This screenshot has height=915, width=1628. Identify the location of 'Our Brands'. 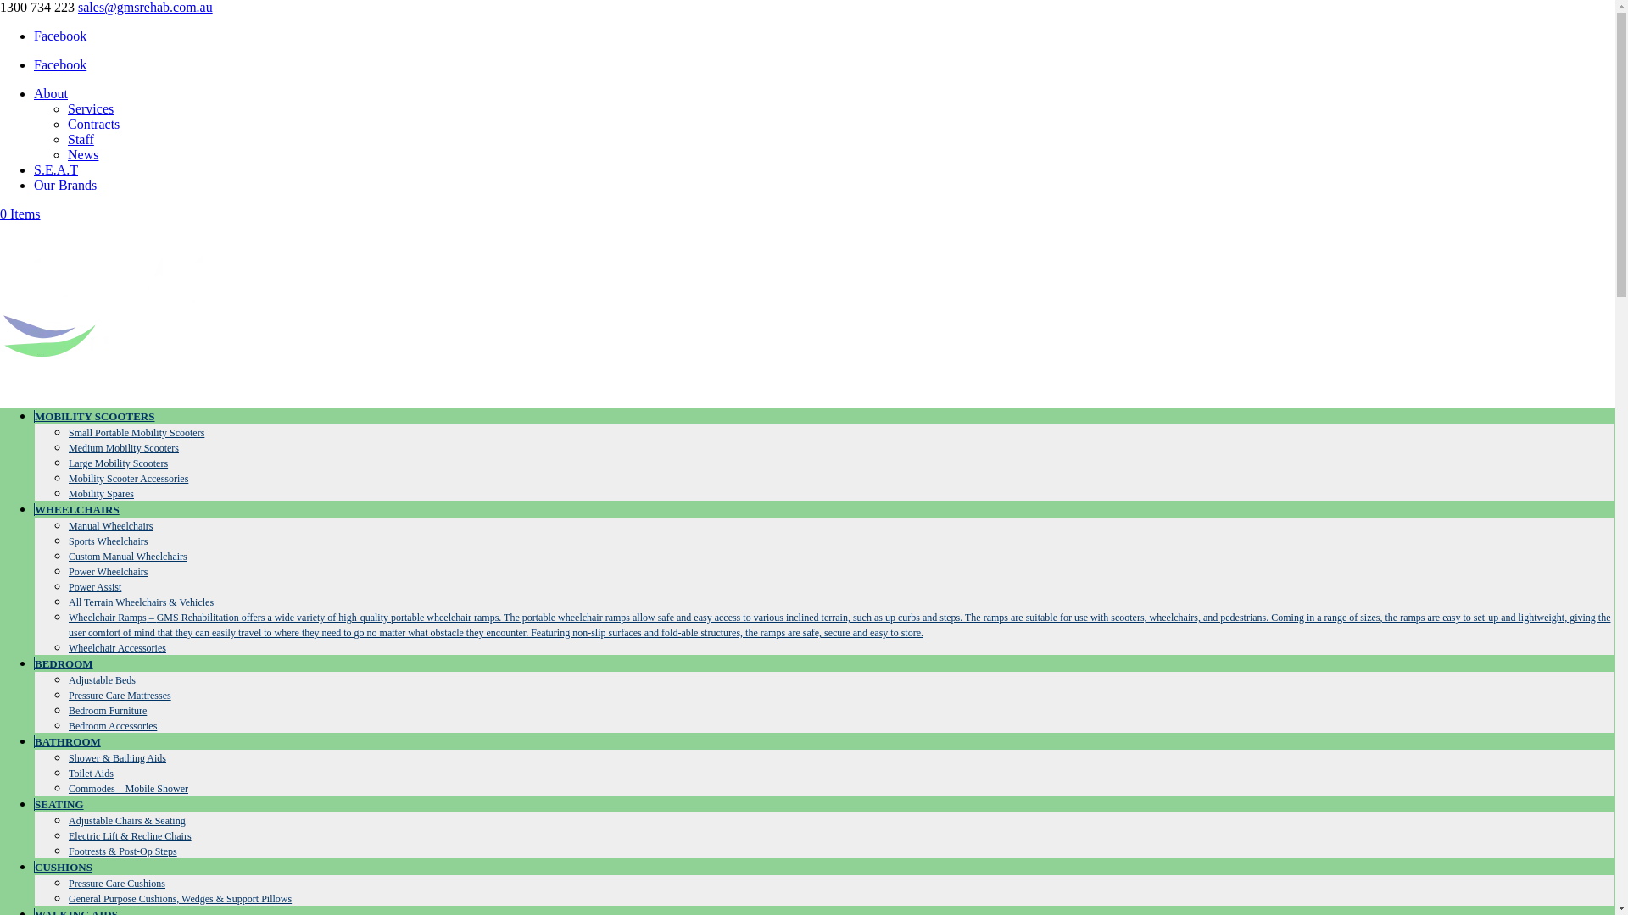
(64, 185).